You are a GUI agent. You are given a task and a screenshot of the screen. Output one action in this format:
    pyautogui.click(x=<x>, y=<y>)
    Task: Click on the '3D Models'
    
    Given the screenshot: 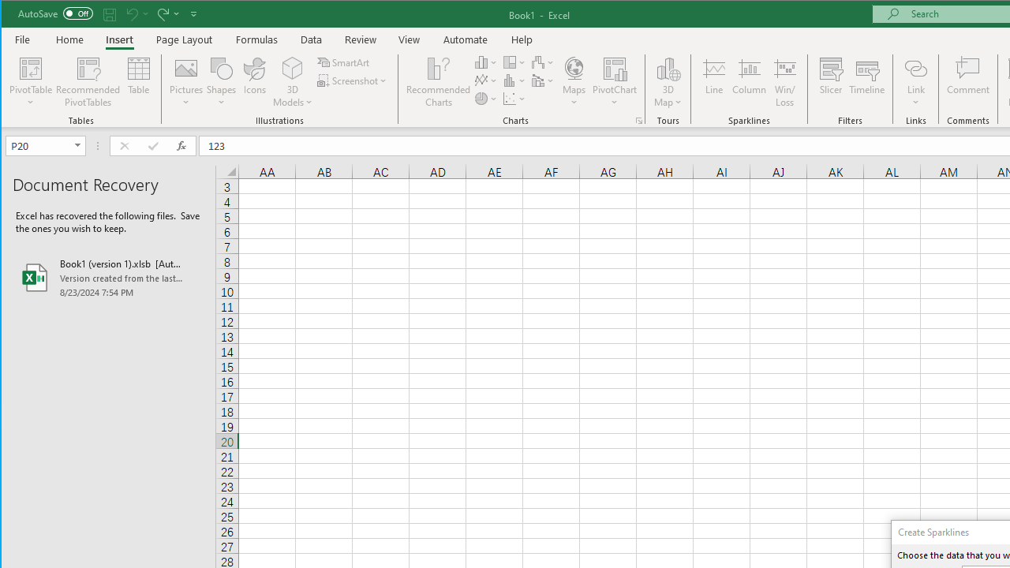 What is the action you would take?
    pyautogui.click(x=293, y=67)
    